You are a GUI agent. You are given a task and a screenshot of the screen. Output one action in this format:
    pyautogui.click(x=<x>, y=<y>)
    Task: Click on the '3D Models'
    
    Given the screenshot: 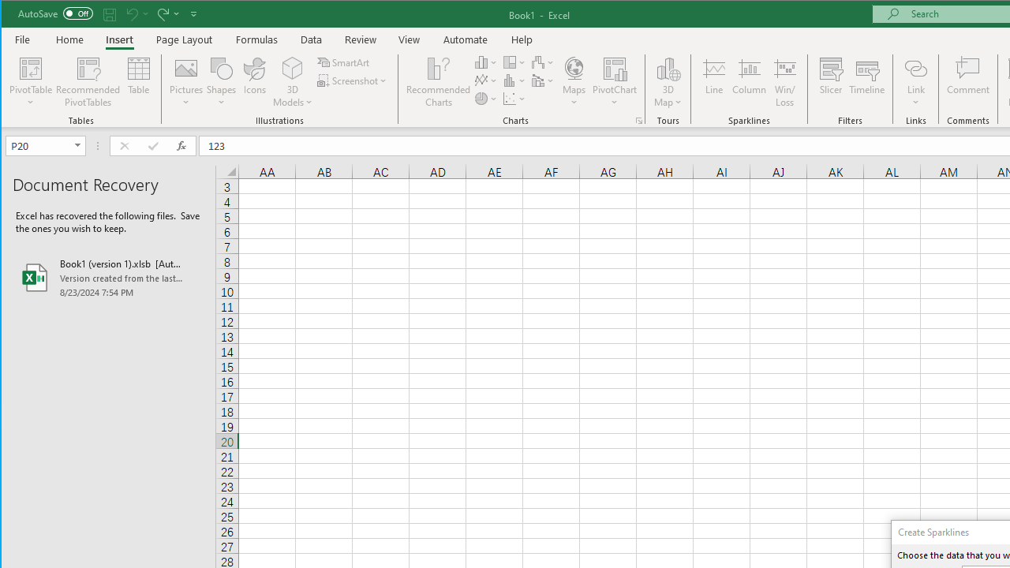 What is the action you would take?
    pyautogui.click(x=293, y=67)
    